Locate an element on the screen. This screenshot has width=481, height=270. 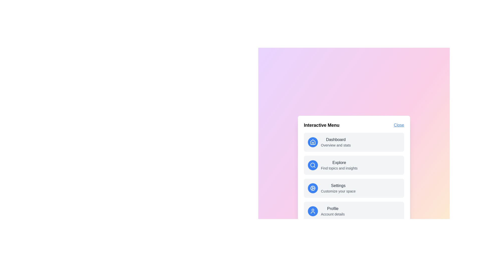
the menu item labeled 'Profile' to observe its hover effects is located at coordinates (353, 211).